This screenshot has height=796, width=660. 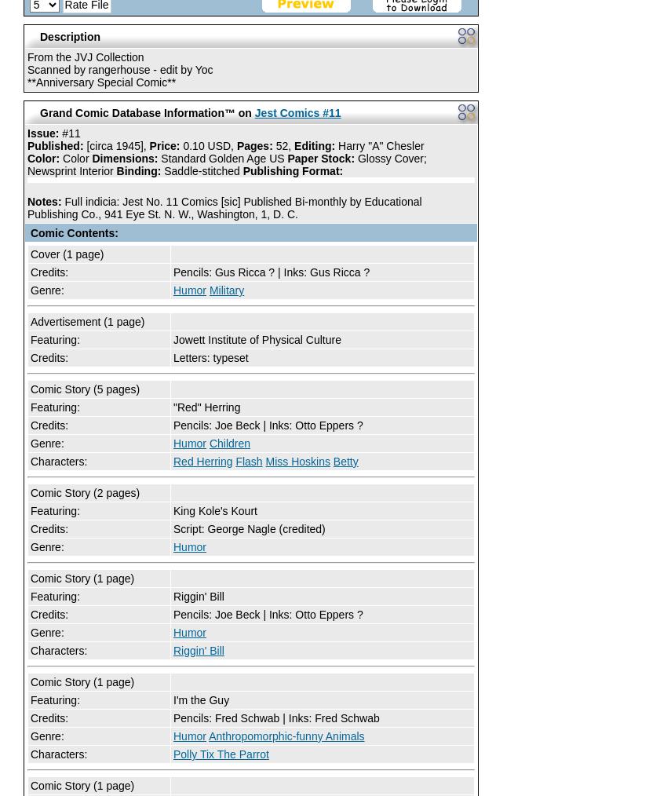 I want to click on 'Scanned by rangerhouse - edit by Yoc', so click(x=119, y=70).